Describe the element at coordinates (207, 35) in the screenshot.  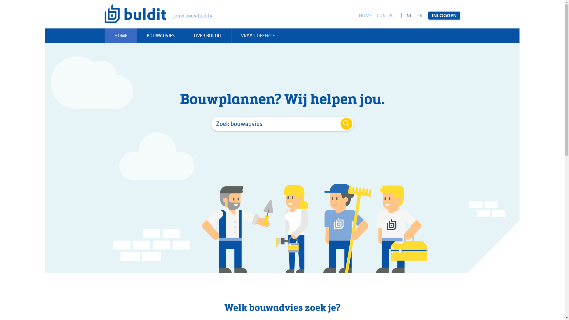
I see `'OVER BULDIT'` at that location.